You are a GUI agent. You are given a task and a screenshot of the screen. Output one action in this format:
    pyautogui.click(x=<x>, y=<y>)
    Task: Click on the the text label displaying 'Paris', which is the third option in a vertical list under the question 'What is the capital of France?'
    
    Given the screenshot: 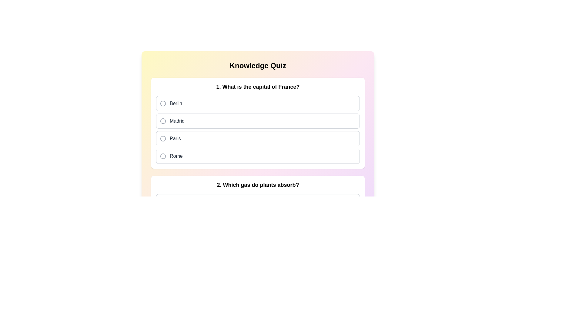 What is the action you would take?
    pyautogui.click(x=175, y=139)
    